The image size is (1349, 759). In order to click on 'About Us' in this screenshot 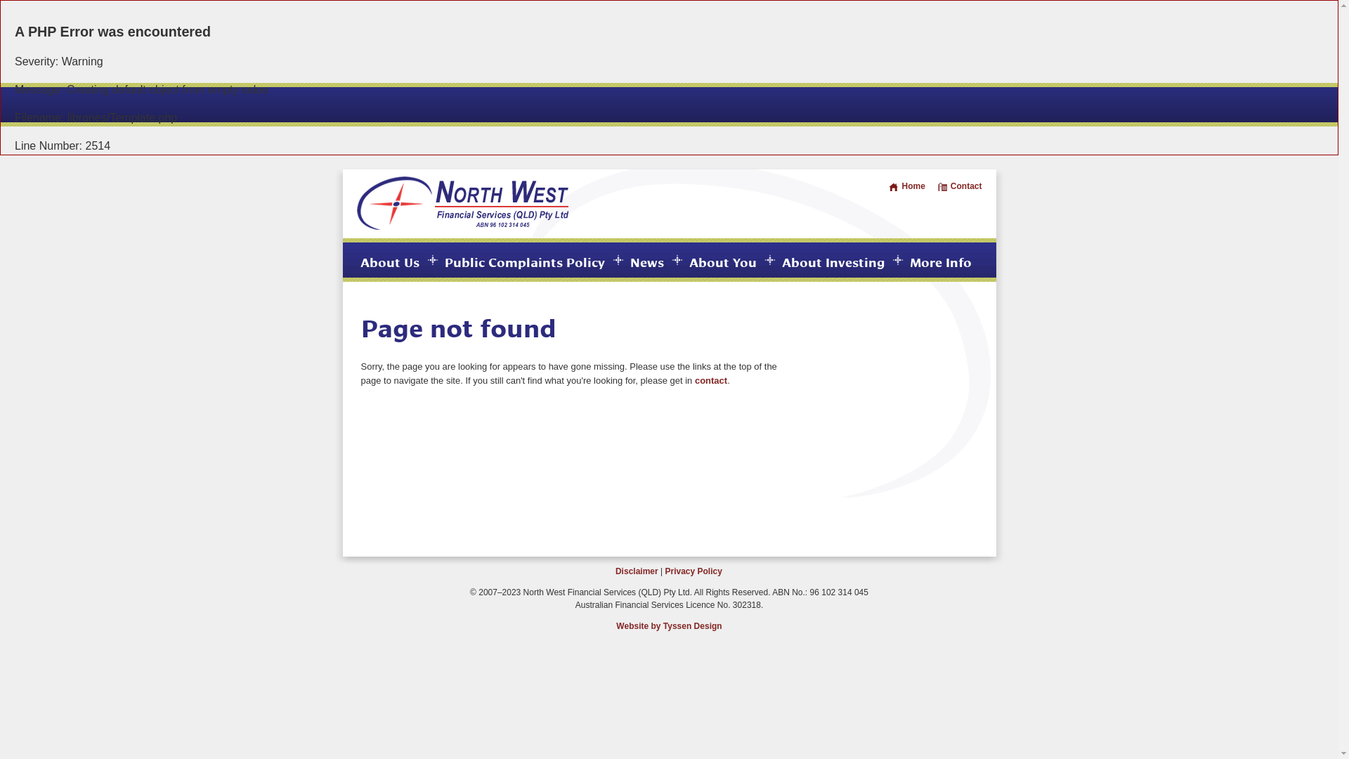, I will do `click(389, 261)`.